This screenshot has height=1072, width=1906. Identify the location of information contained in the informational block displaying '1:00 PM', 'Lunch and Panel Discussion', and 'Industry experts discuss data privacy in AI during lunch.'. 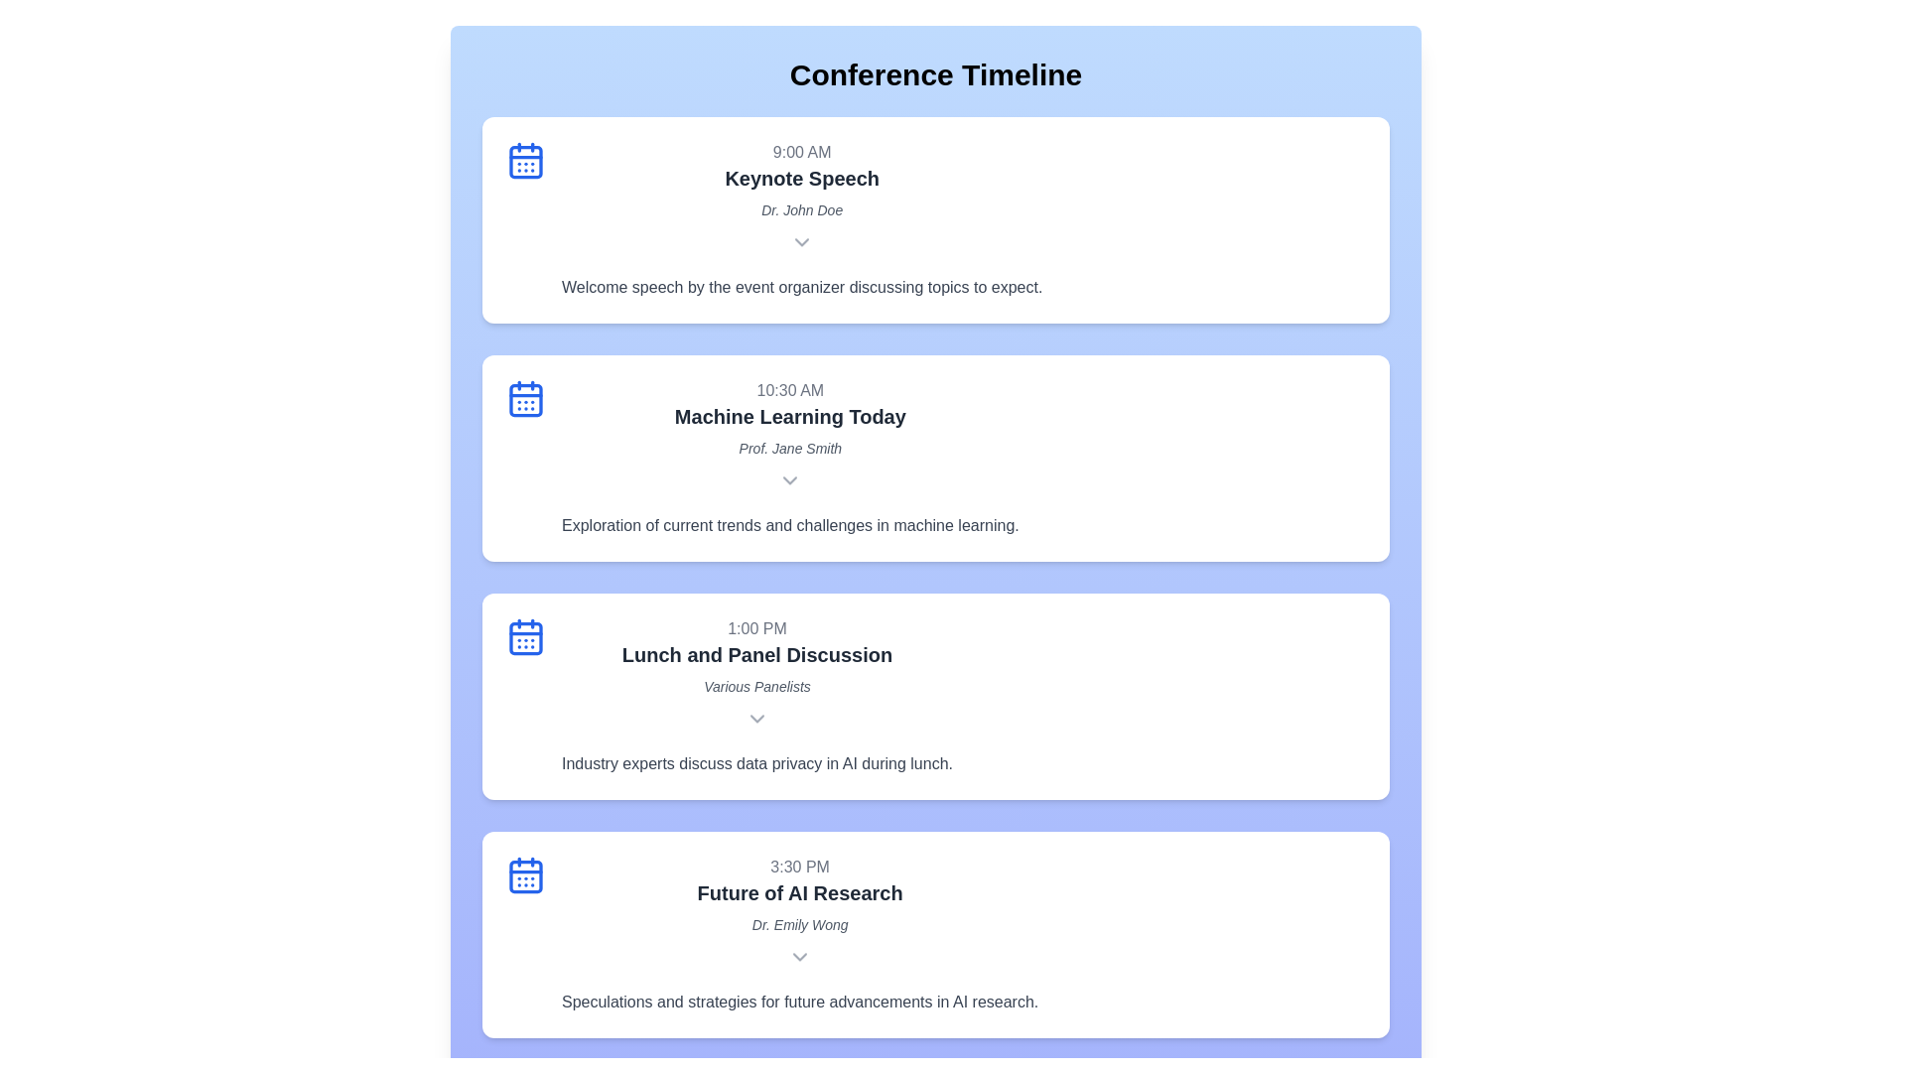
(756, 696).